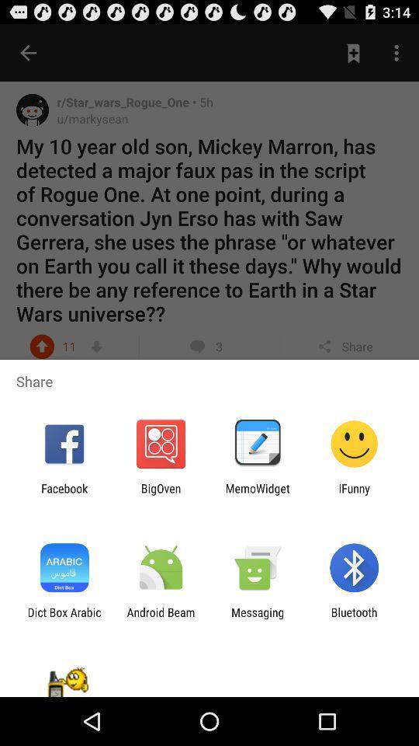 Image resolution: width=419 pixels, height=746 pixels. I want to click on item to the right of messaging, so click(354, 619).